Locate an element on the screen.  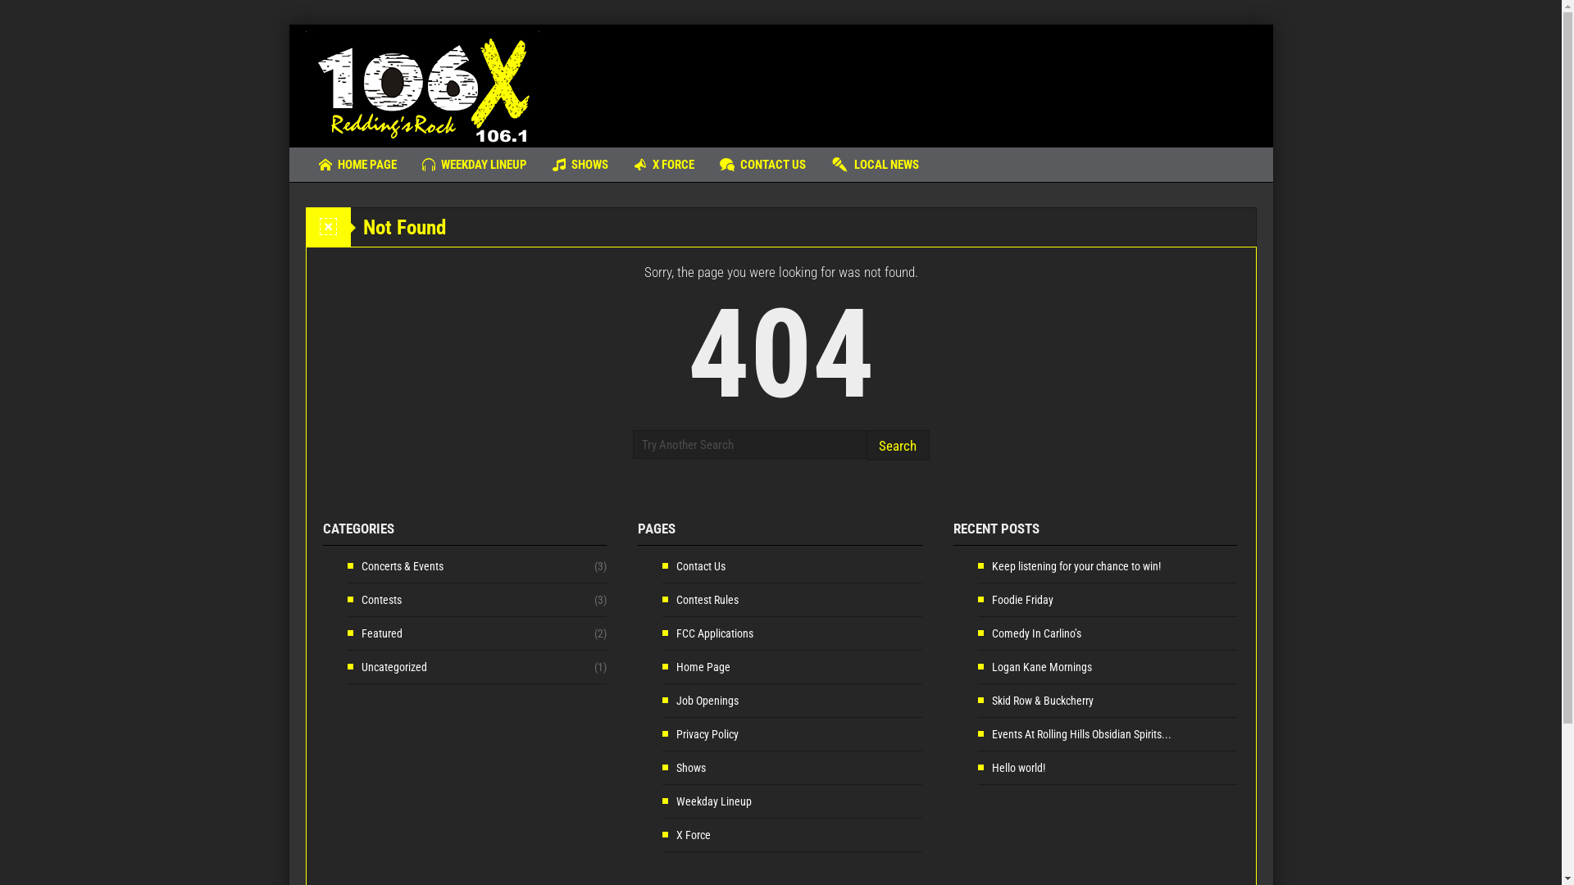
'Contests' is located at coordinates (373, 600).